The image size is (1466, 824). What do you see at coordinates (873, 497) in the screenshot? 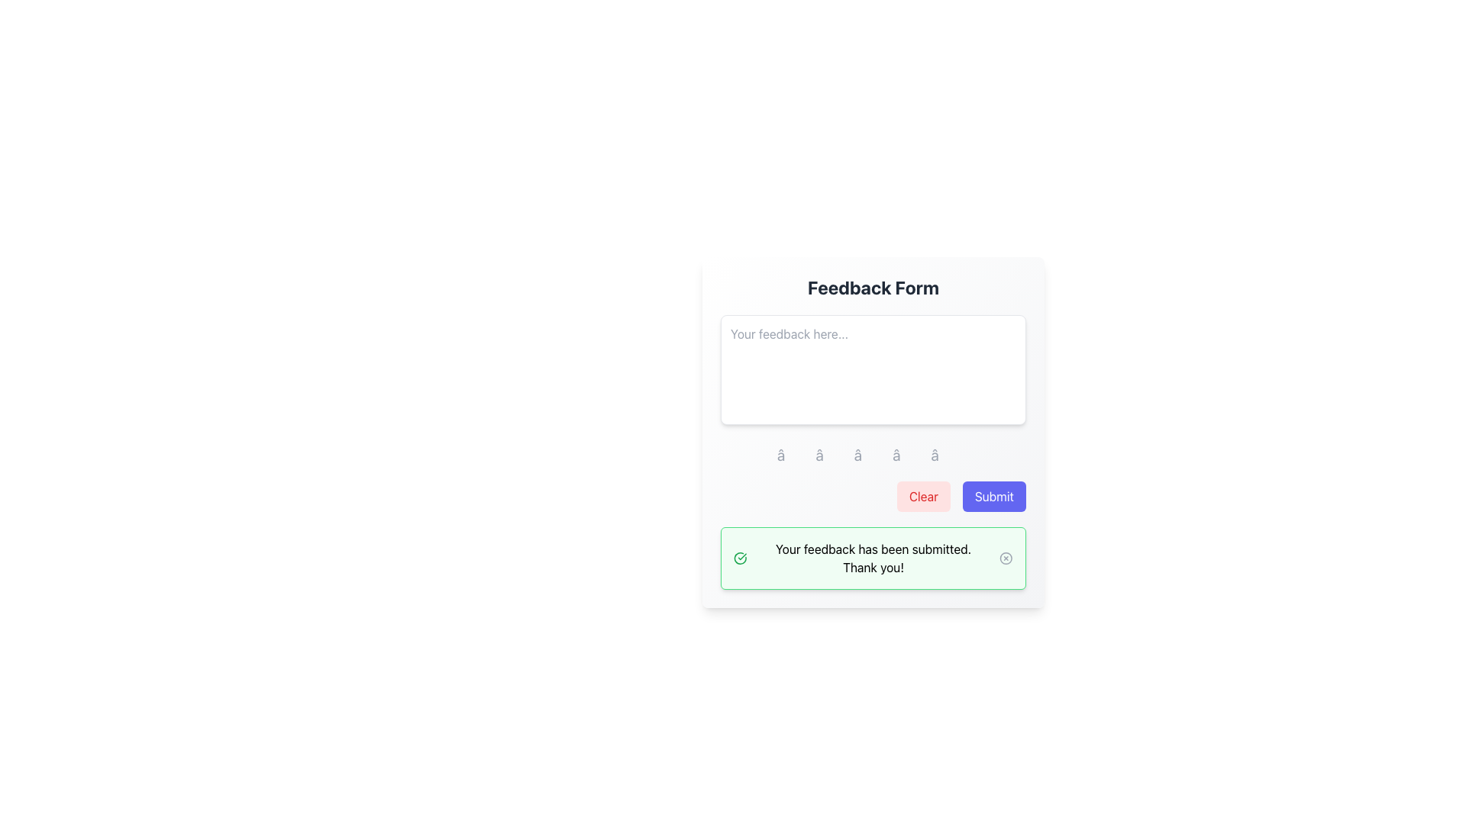
I see `the button group containing the 'Clear' and 'Submit' buttons, positioned at the bottom-right of the 'Feedback Form'` at bounding box center [873, 497].